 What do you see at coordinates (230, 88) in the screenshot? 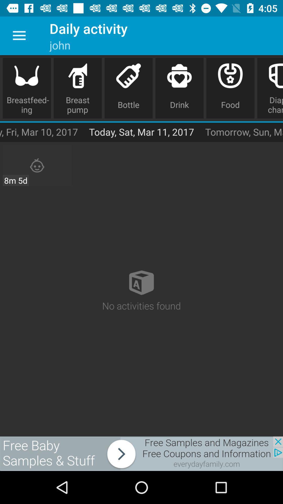
I see `food along with icon on the top of the web page` at bounding box center [230, 88].